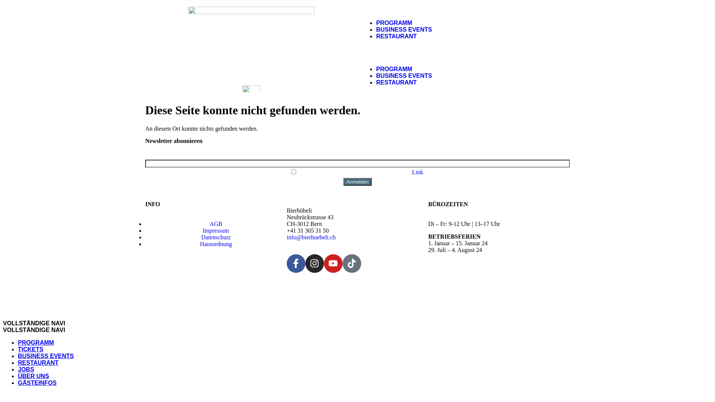 This screenshot has width=715, height=402. I want to click on 'BUSINESS EVENTS', so click(403, 29).